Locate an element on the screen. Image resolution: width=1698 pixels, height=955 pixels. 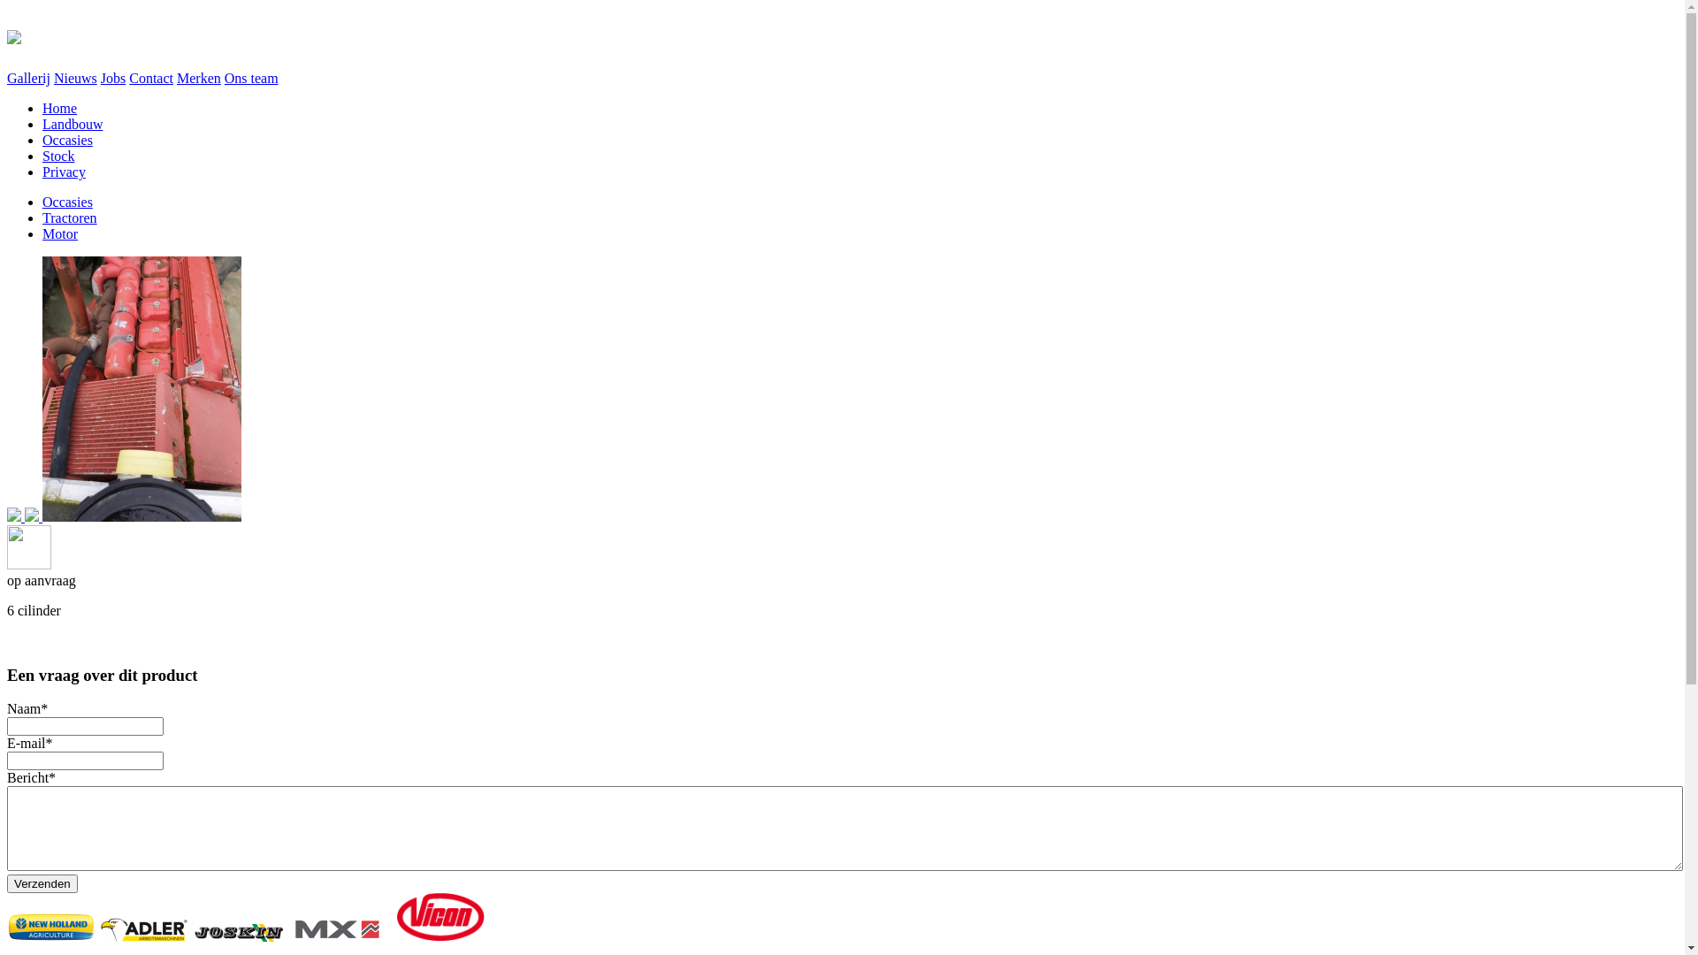
'Landbouw' is located at coordinates (42, 123).